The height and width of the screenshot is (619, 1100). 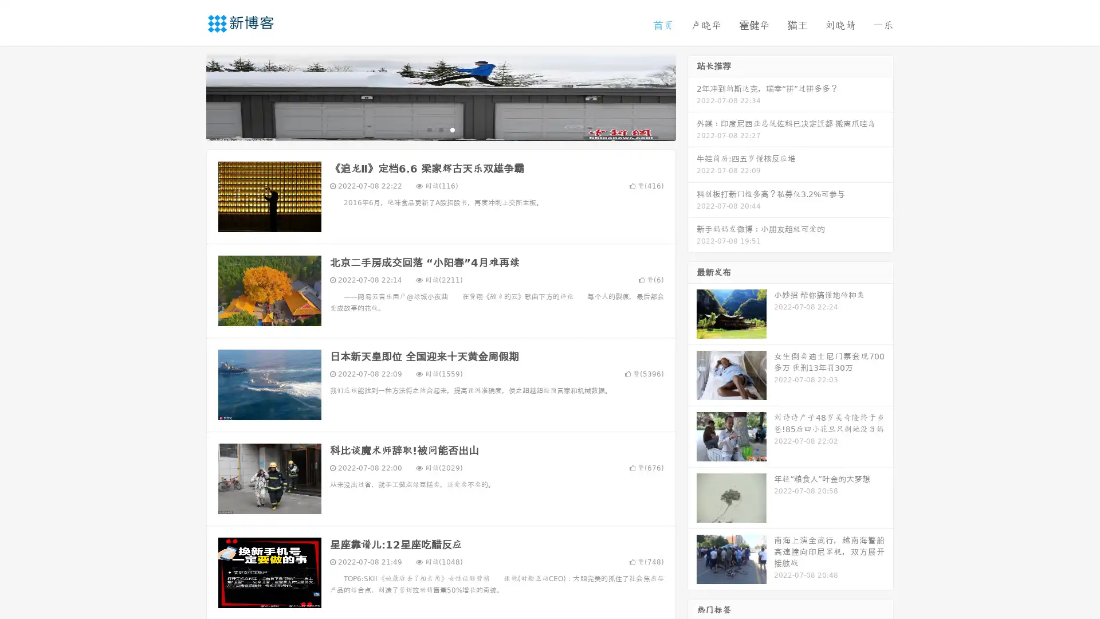 What do you see at coordinates (189, 96) in the screenshot?
I see `Previous slide` at bounding box center [189, 96].